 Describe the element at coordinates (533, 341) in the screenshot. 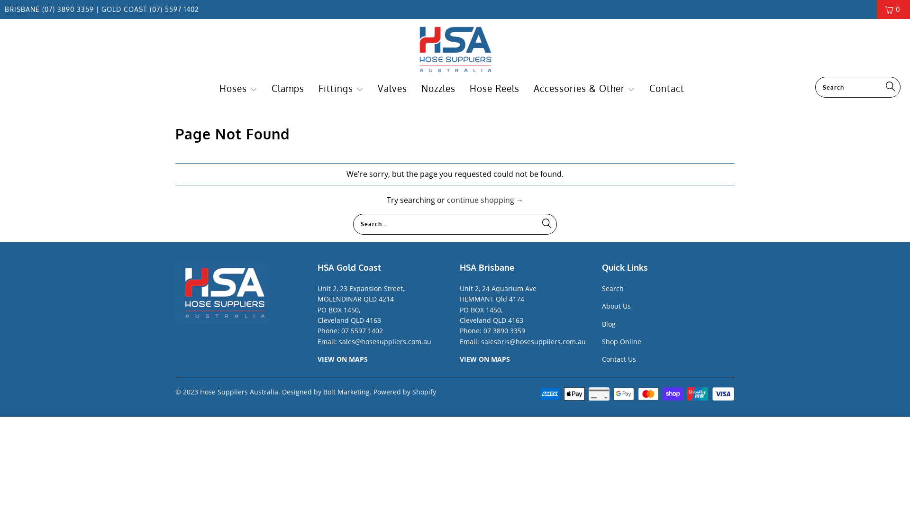

I see `'salesbris@hosesuppliers.com.au'` at that location.